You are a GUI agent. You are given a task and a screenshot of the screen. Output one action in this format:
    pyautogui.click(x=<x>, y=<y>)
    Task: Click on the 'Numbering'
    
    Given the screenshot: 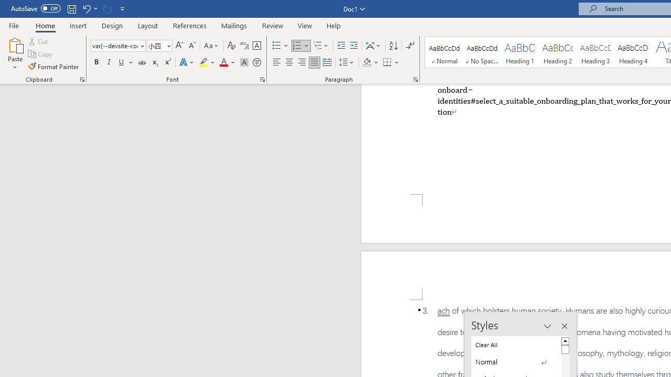 What is the action you would take?
    pyautogui.click(x=297, y=45)
    